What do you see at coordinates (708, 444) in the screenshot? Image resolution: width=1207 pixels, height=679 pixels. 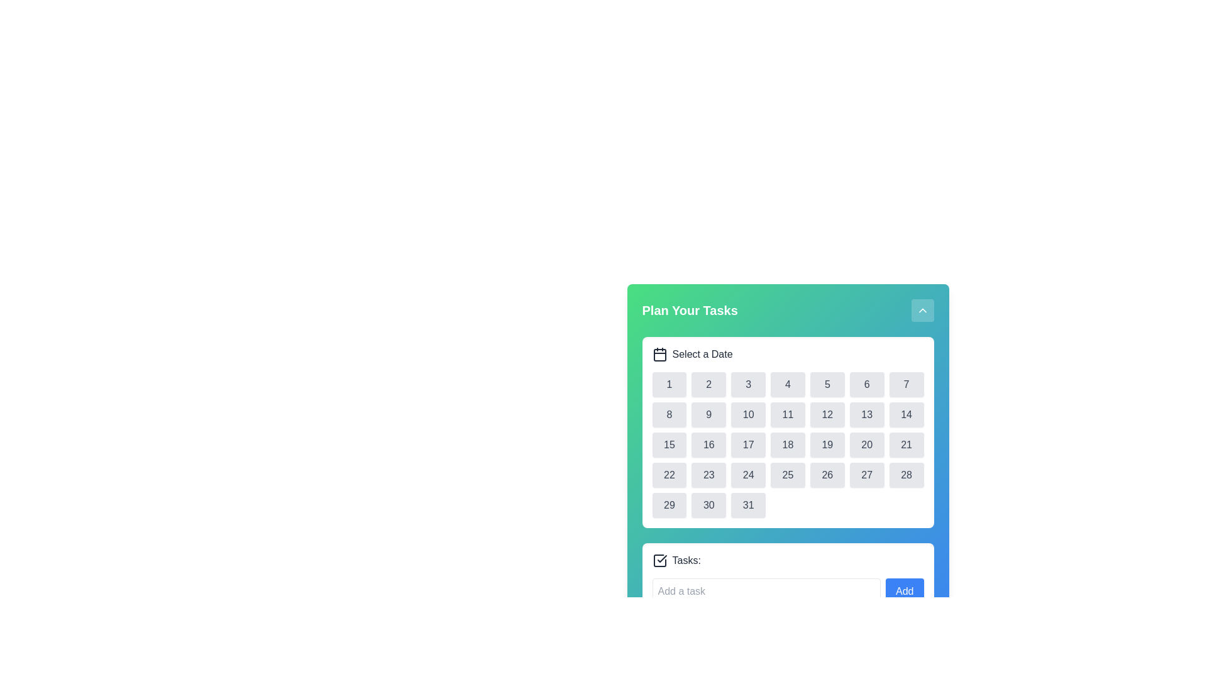 I see `the rounded rectangular button displaying the text '16'` at bounding box center [708, 444].